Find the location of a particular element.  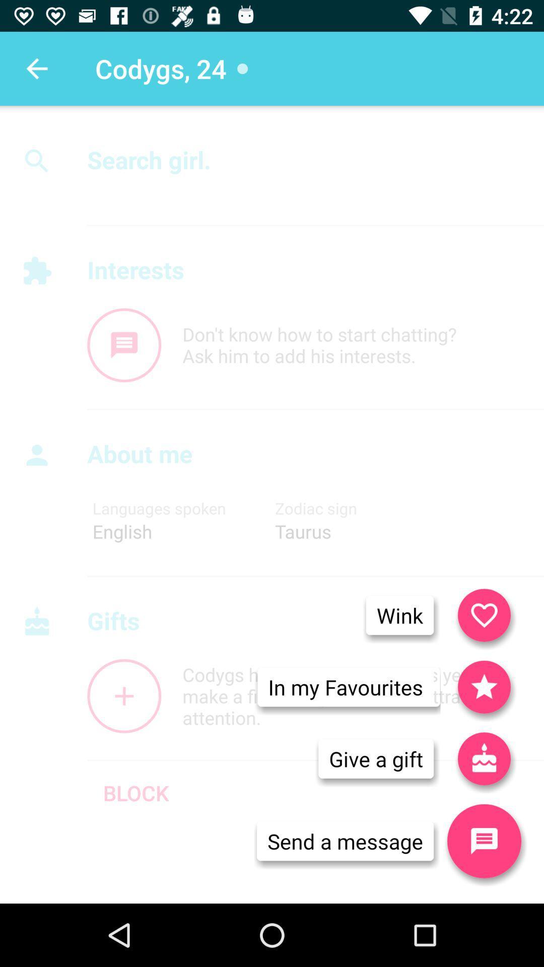

the icon to the right of give a gift is located at coordinates (484, 841).